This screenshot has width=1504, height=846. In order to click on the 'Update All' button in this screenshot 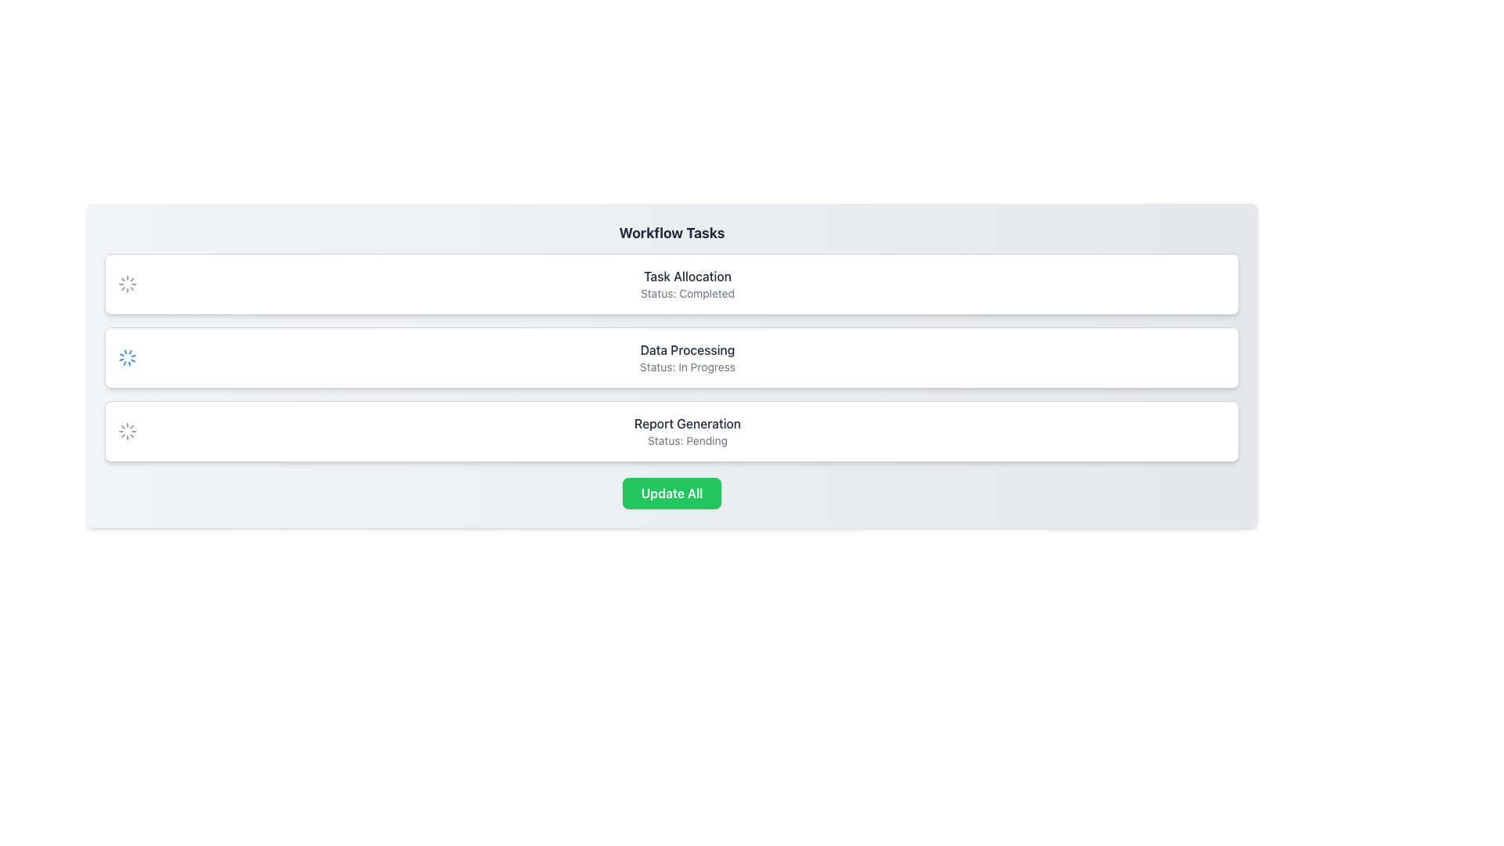, I will do `click(672, 492)`.